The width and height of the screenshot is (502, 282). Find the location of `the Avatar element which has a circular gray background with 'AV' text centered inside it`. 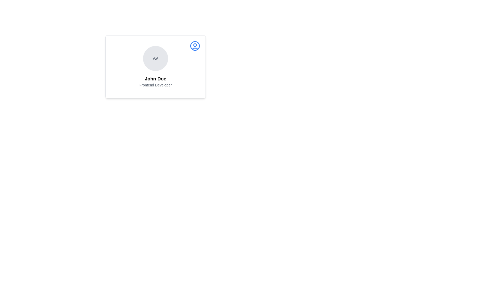

the Avatar element which has a circular gray background with 'AV' text centered inside it is located at coordinates (155, 58).